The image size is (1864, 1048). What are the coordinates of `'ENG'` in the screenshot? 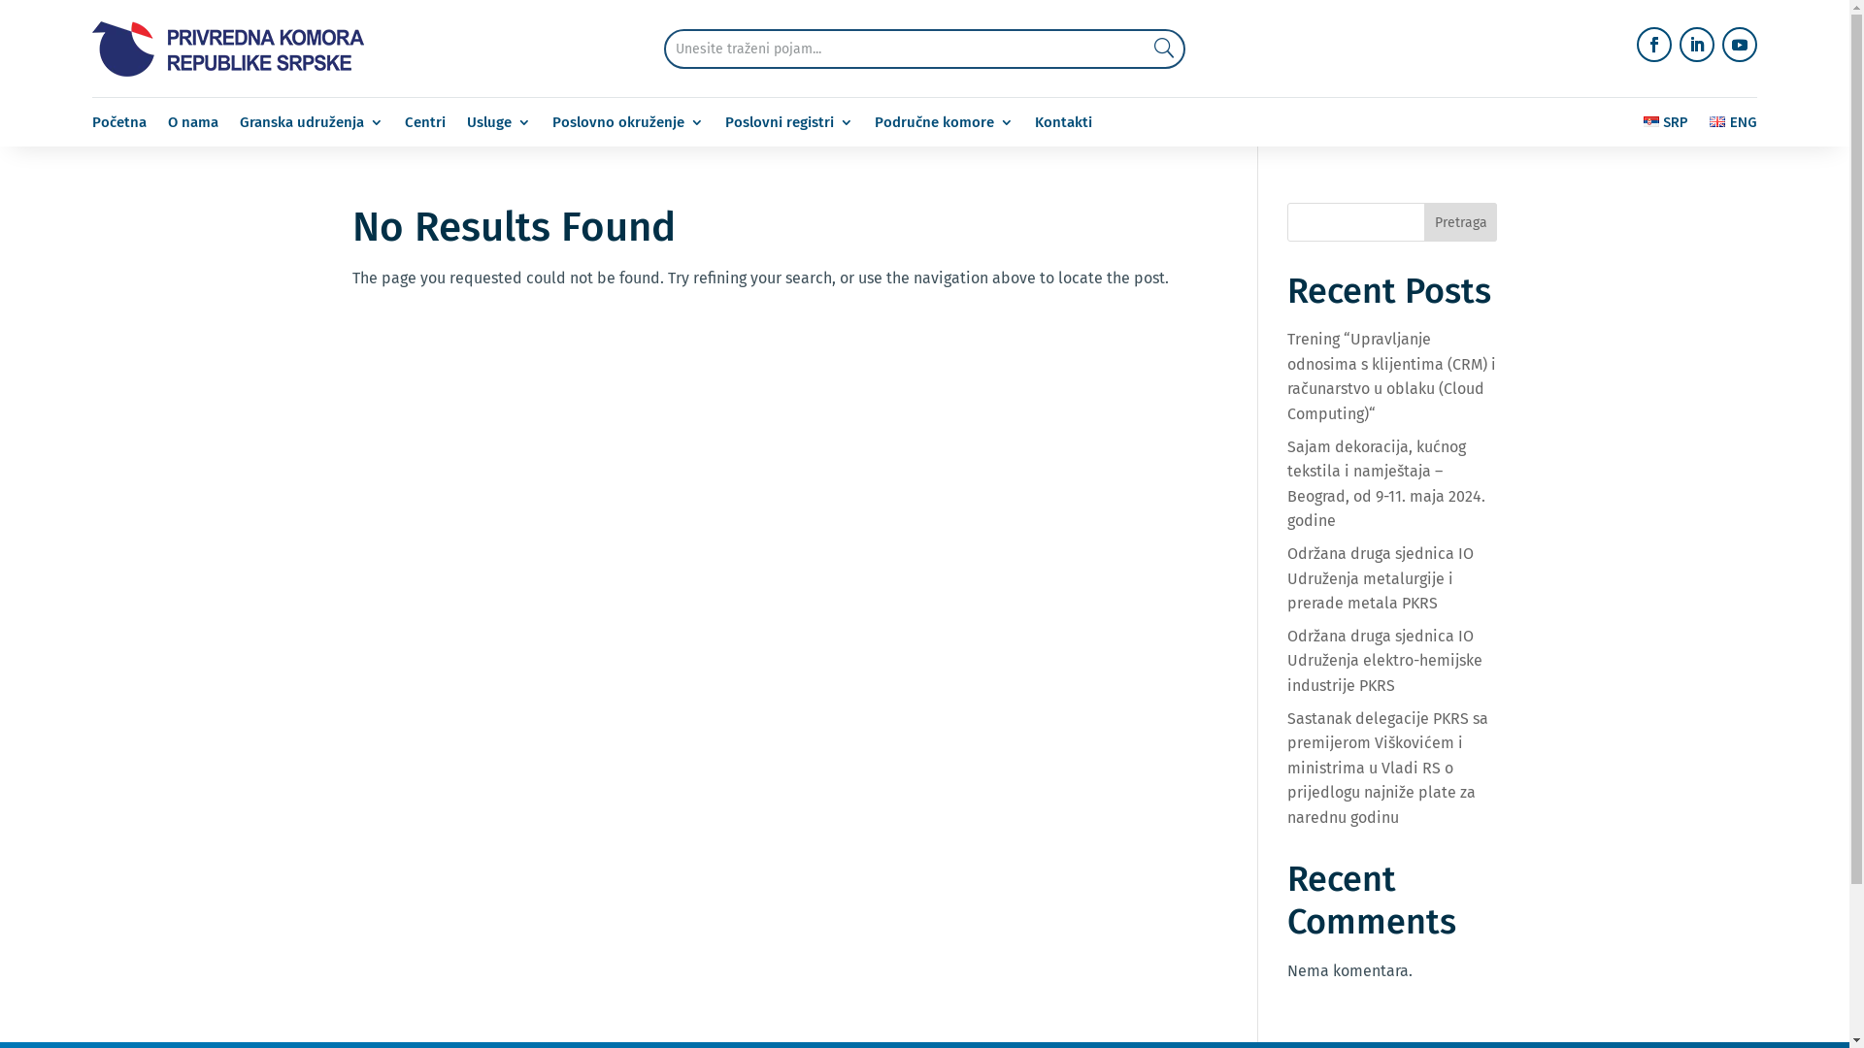 It's located at (1733, 126).